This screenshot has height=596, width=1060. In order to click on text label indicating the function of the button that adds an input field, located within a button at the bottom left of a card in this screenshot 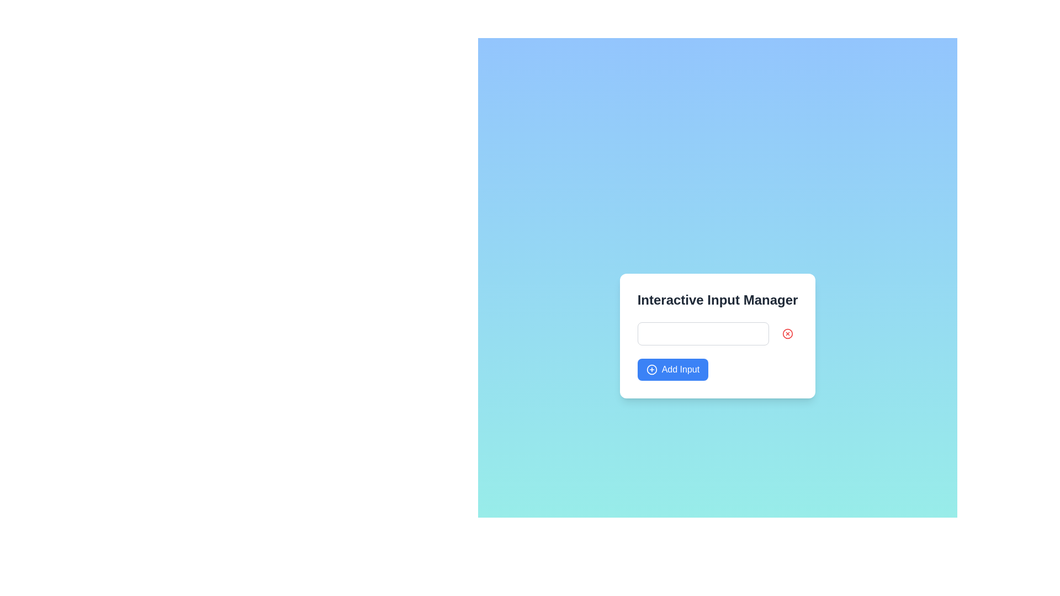, I will do `click(680, 370)`.